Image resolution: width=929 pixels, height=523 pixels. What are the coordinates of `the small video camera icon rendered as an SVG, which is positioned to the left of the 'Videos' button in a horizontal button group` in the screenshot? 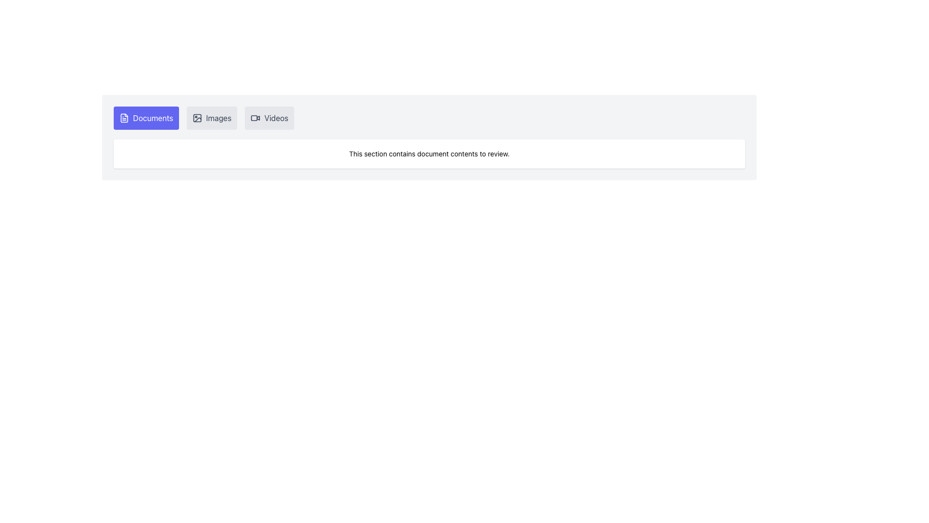 It's located at (255, 117).